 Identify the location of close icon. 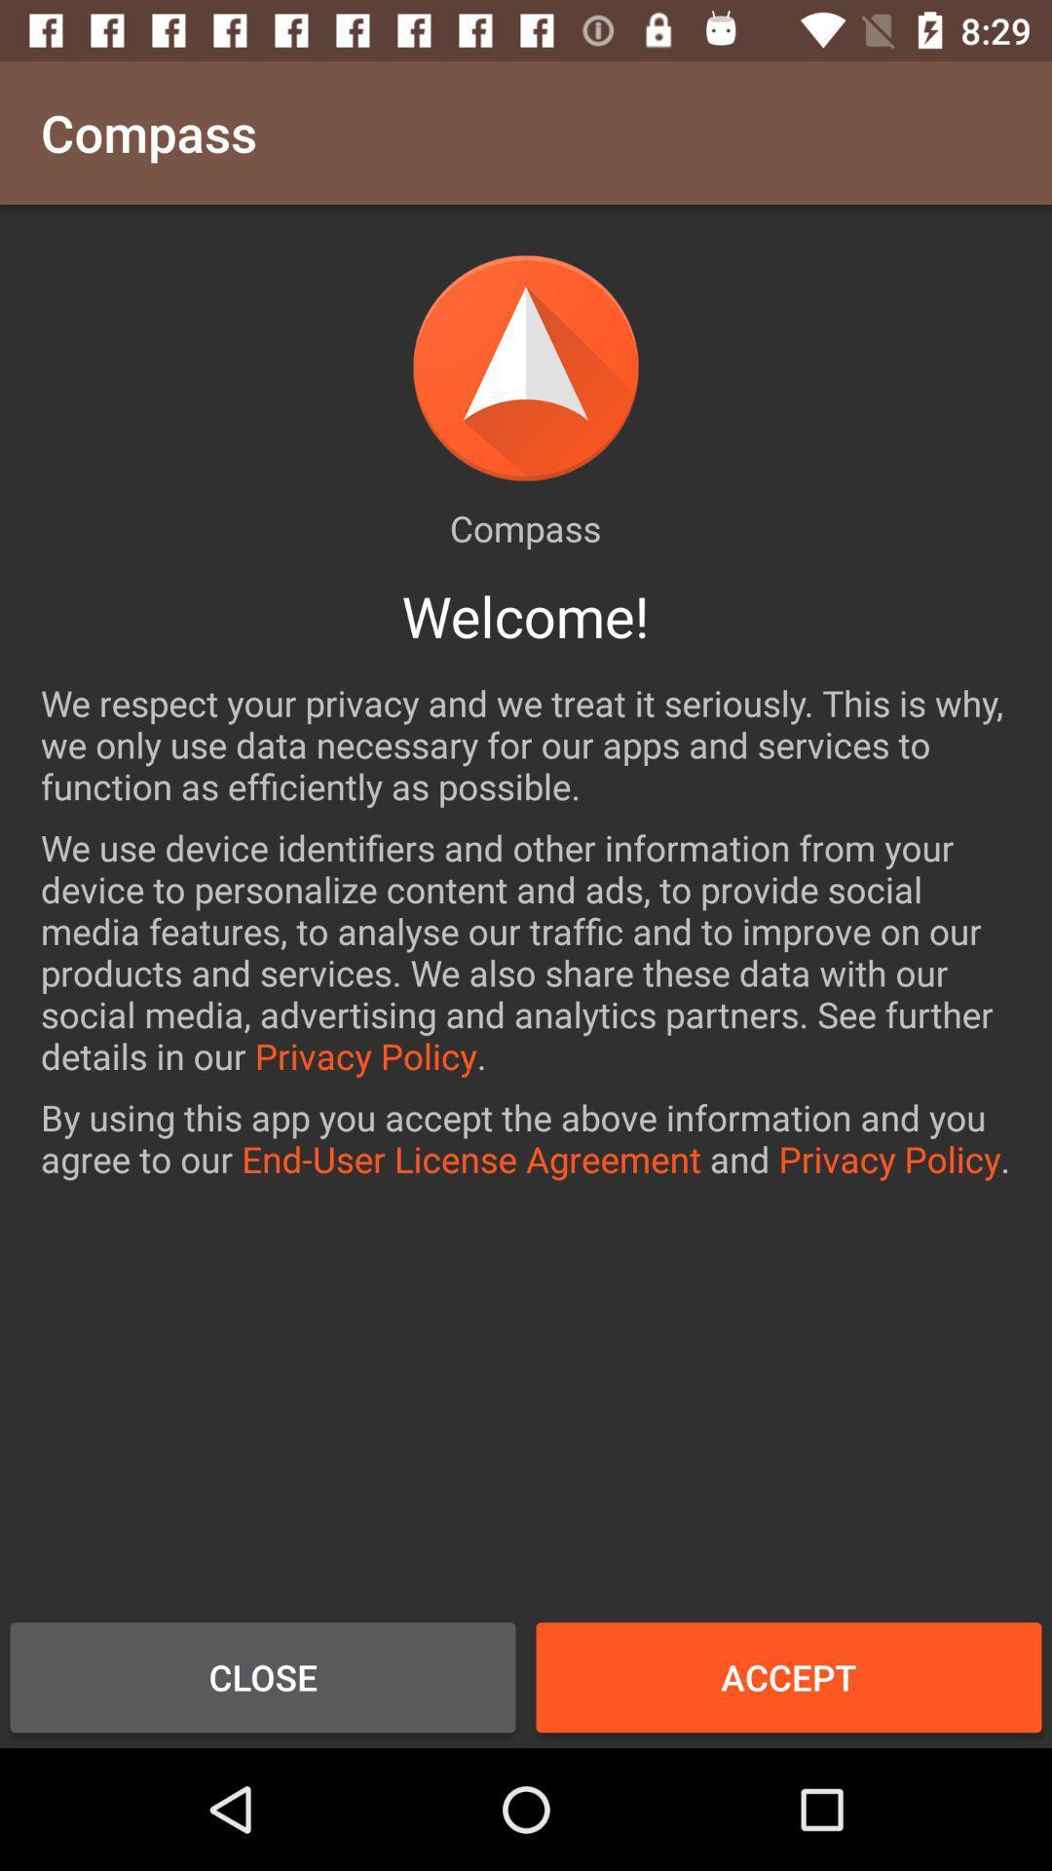
(263, 1676).